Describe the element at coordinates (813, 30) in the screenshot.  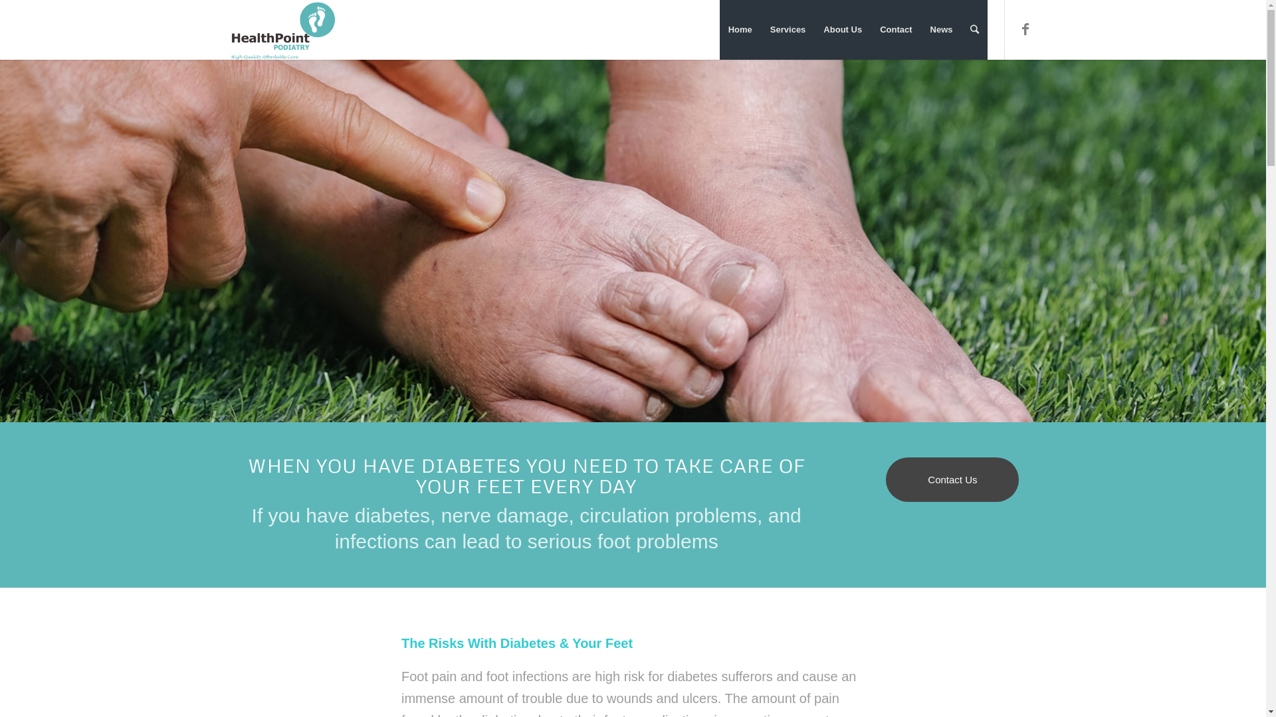
I see `'About Us'` at that location.